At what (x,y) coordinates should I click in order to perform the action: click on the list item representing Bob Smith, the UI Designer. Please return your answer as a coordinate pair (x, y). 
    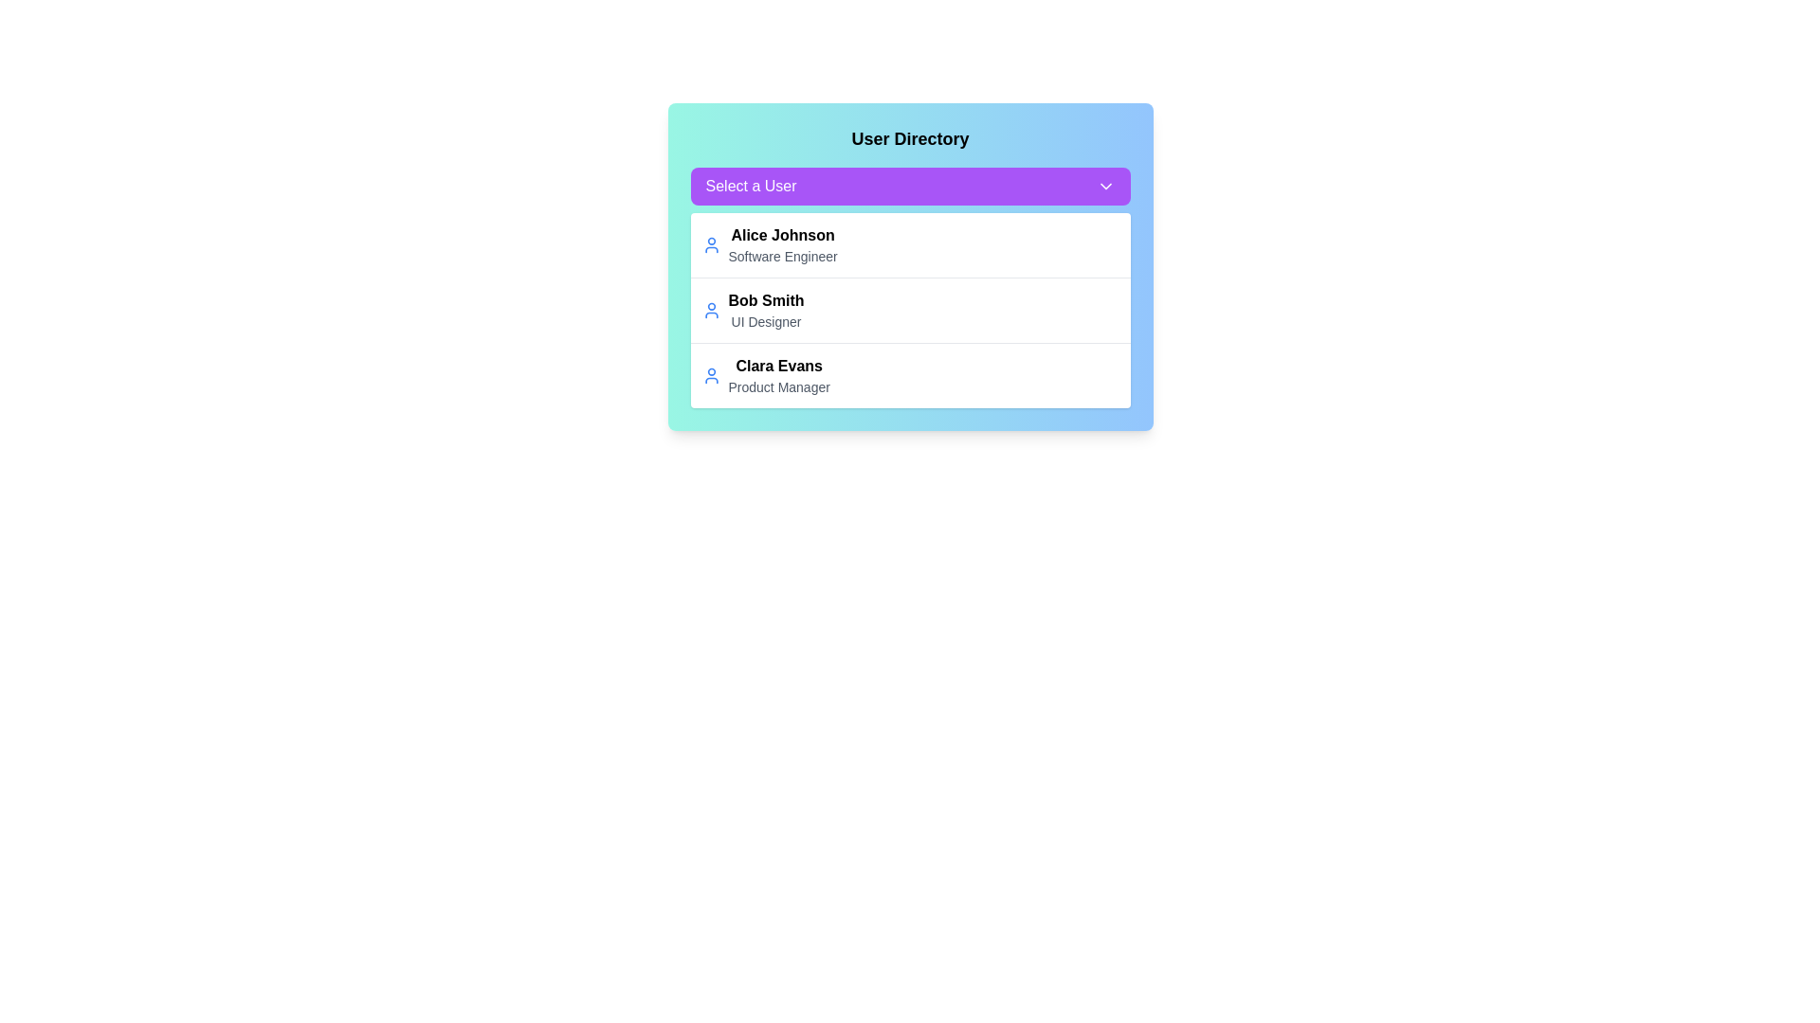
    Looking at the image, I should click on (910, 309).